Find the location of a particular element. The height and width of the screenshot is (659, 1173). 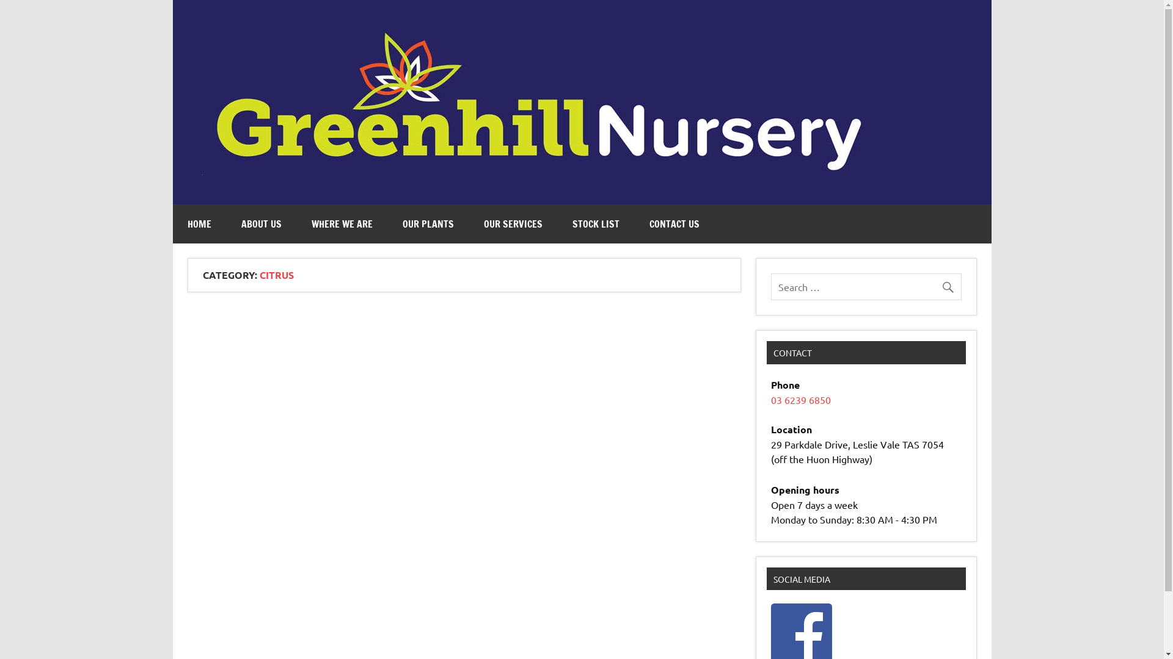

'03 6239 6850' is located at coordinates (800, 400).